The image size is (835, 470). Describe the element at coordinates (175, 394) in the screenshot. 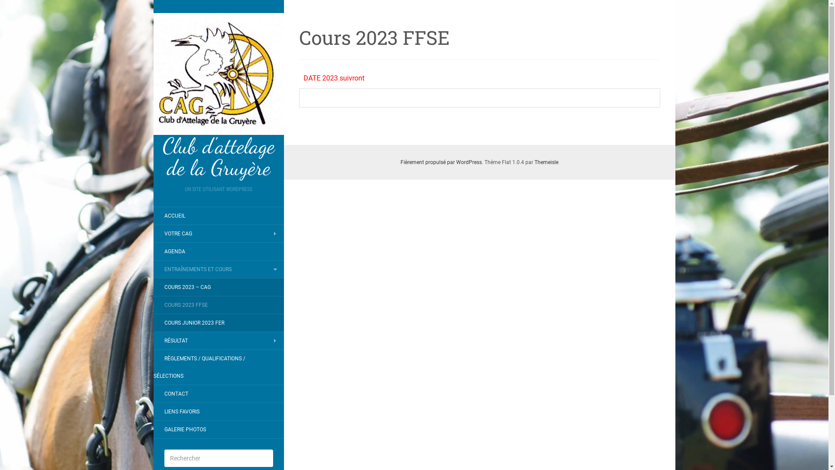

I see `'CONTACT'` at that location.